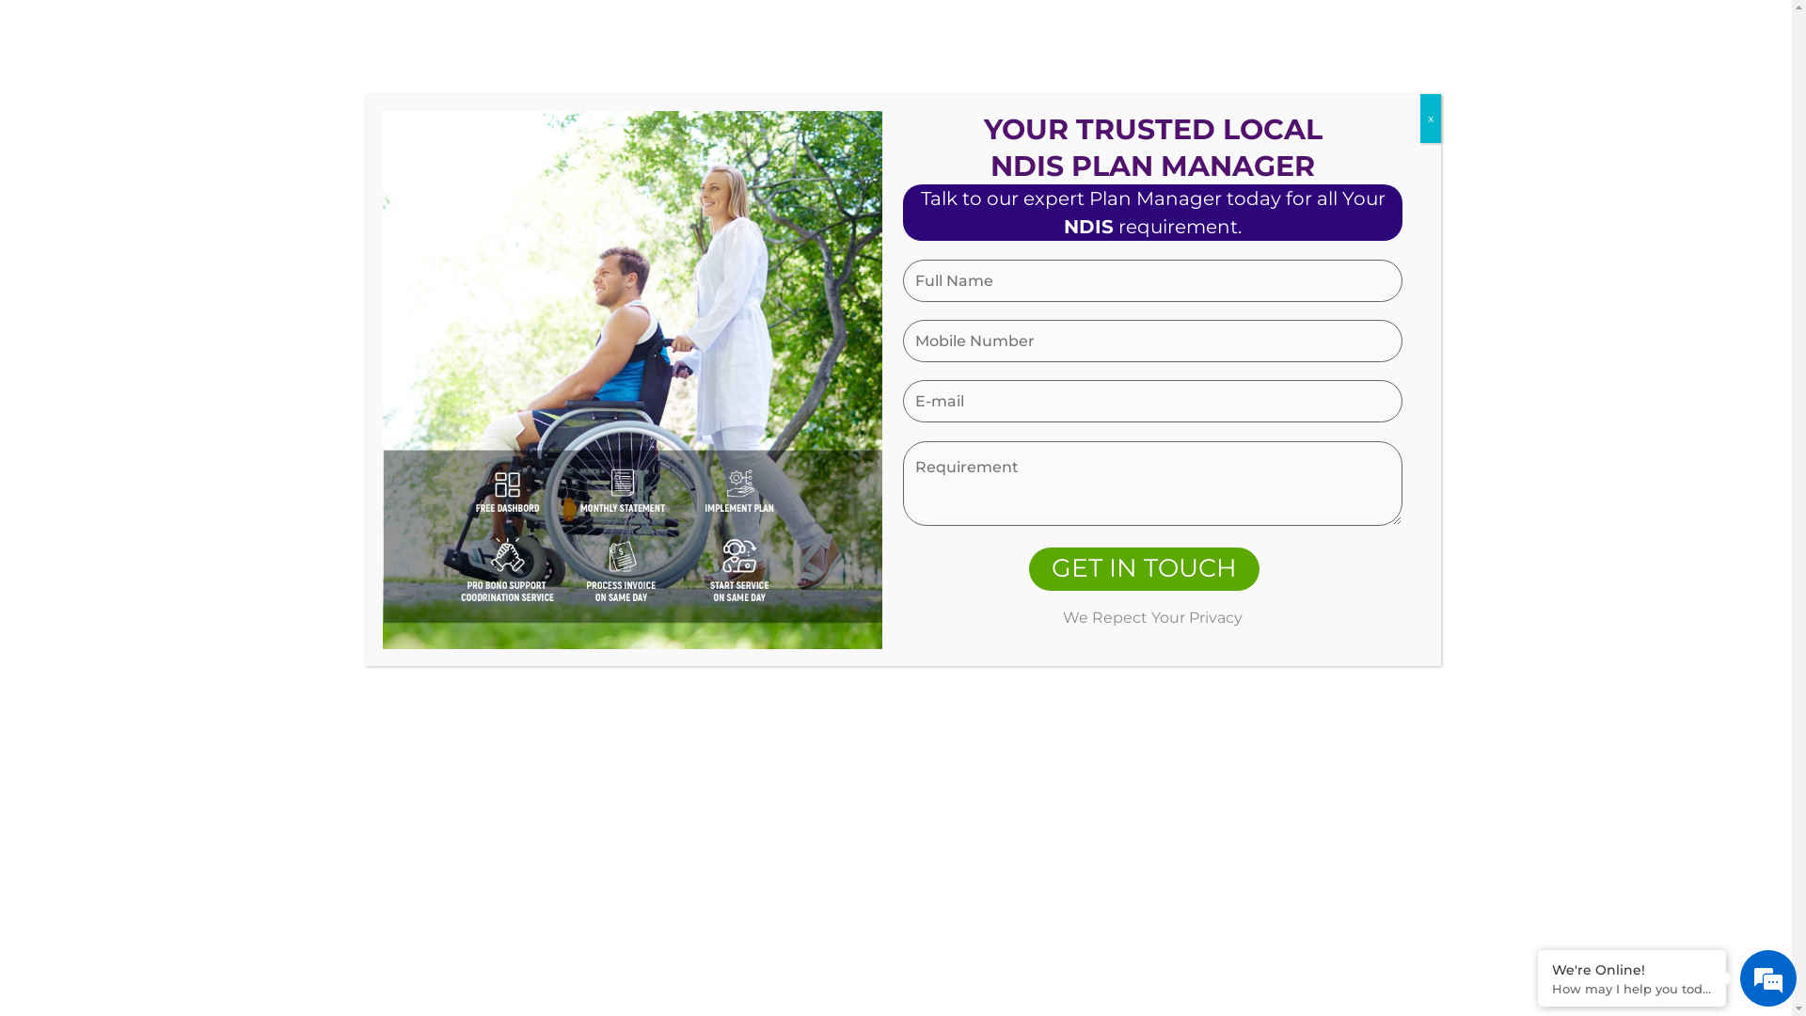 The height and width of the screenshot is (1016, 1806). I want to click on 'REFER A CLIENT', so click(1191, 97).